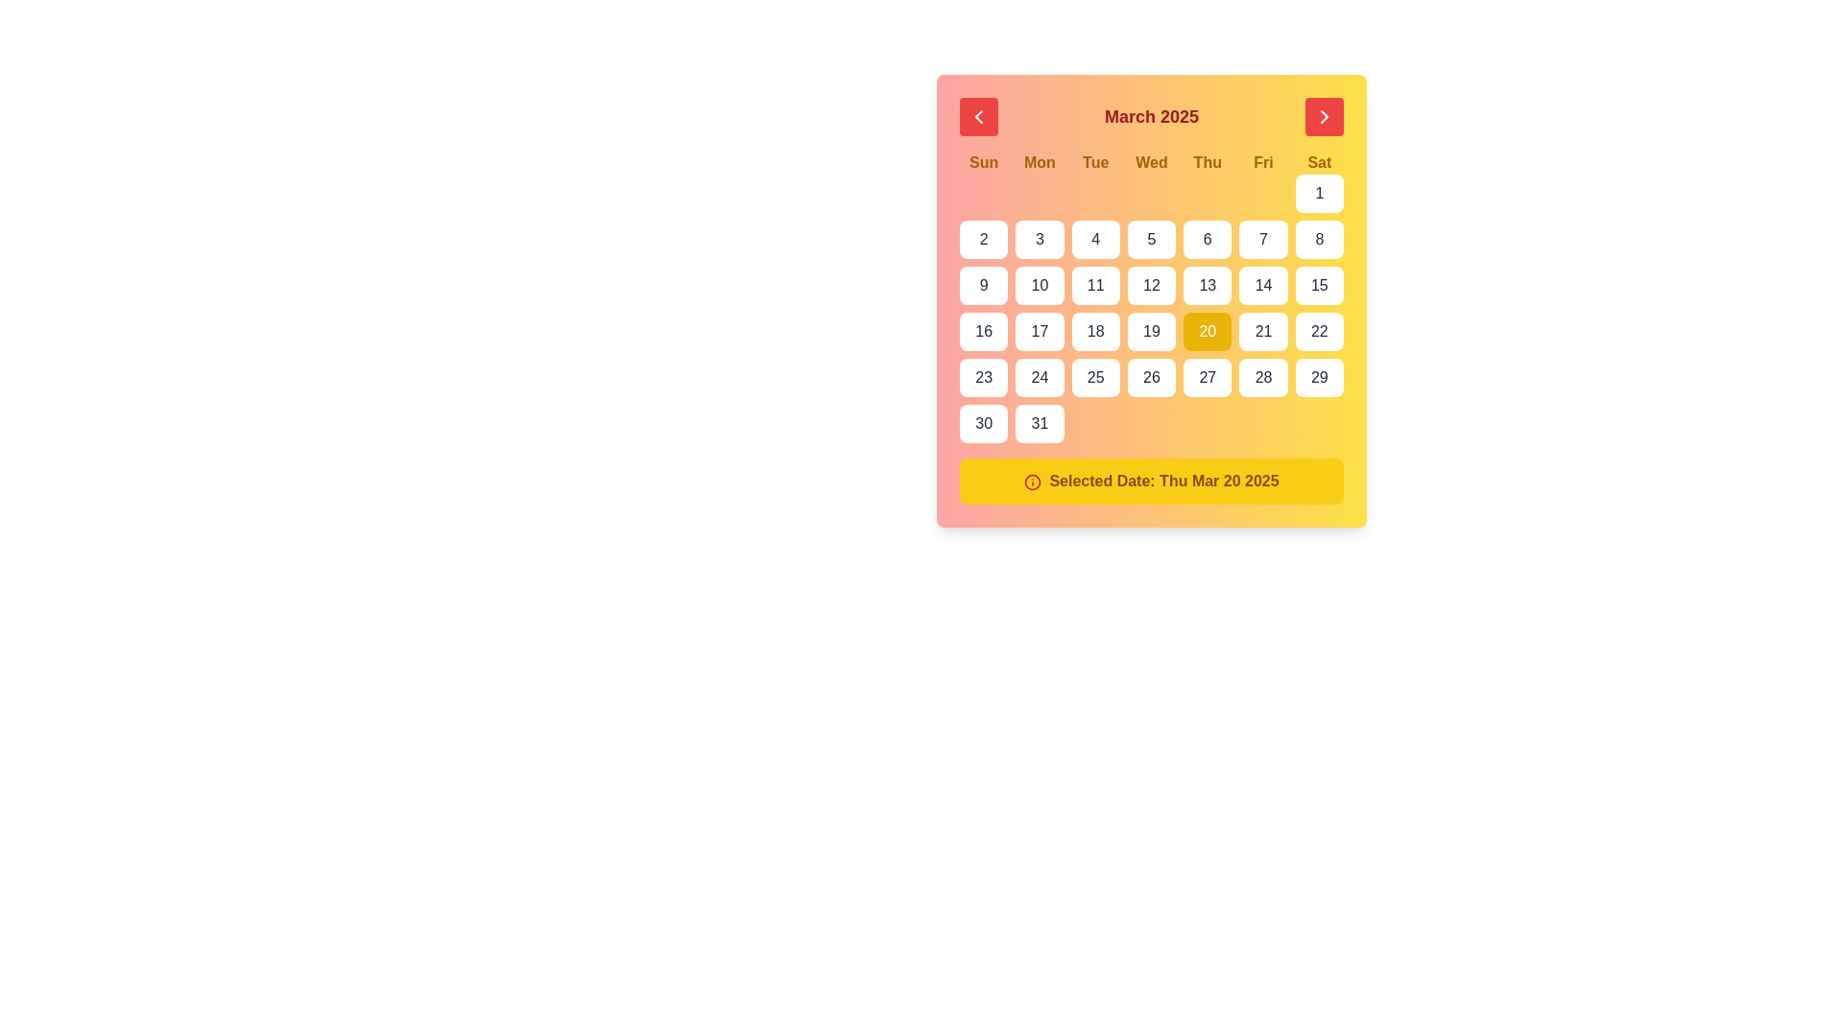 This screenshot has height=1036, width=1843. Describe the element at coordinates (1207, 331) in the screenshot. I see `the button representing the 20th date in the calendar interface, located in the last row and fifth column under the Thursday header labeled as 'Thu'` at that location.